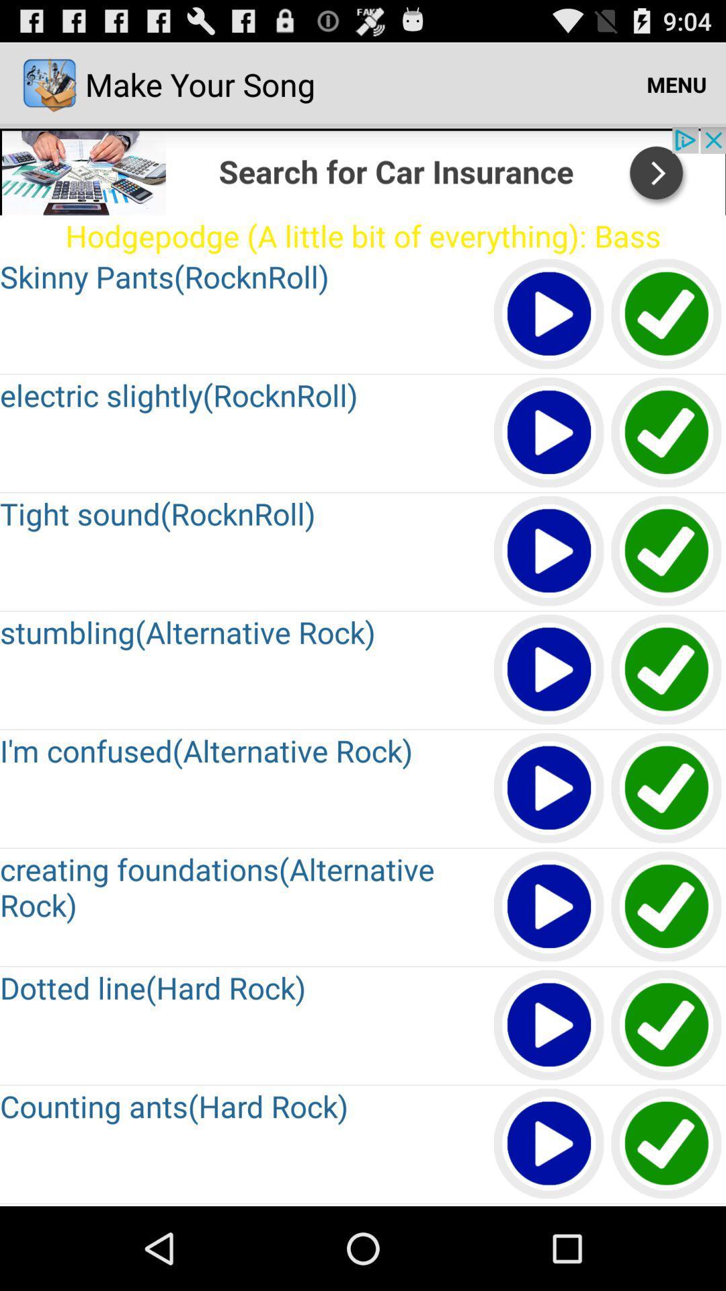 This screenshot has height=1291, width=726. What do you see at coordinates (667, 907) in the screenshot?
I see `switch autoplay option` at bounding box center [667, 907].